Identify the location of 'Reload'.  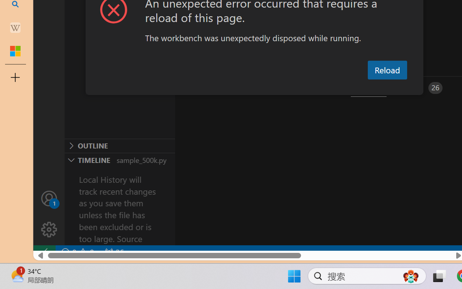
(387, 69).